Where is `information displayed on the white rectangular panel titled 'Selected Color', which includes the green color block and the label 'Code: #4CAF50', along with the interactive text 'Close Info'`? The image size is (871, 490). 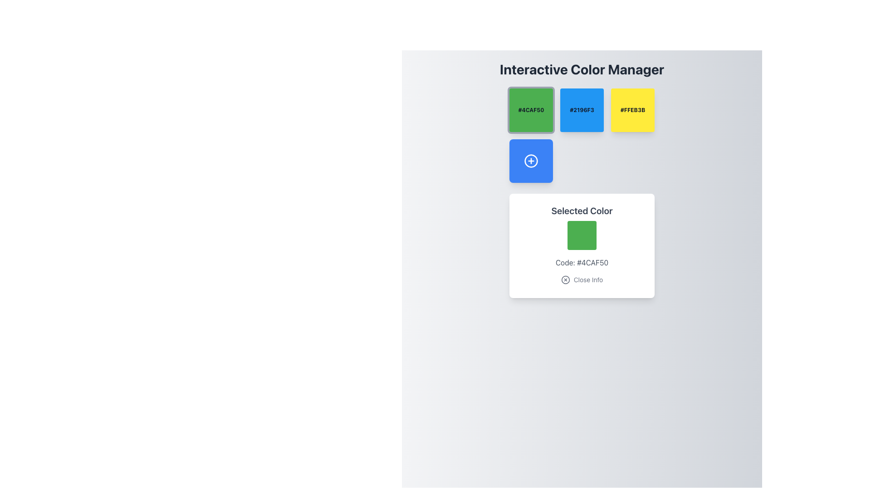 information displayed on the white rectangular panel titled 'Selected Color', which includes the green color block and the label 'Code: #4CAF50', along with the interactive text 'Close Info' is located at coordinates (582, 192).